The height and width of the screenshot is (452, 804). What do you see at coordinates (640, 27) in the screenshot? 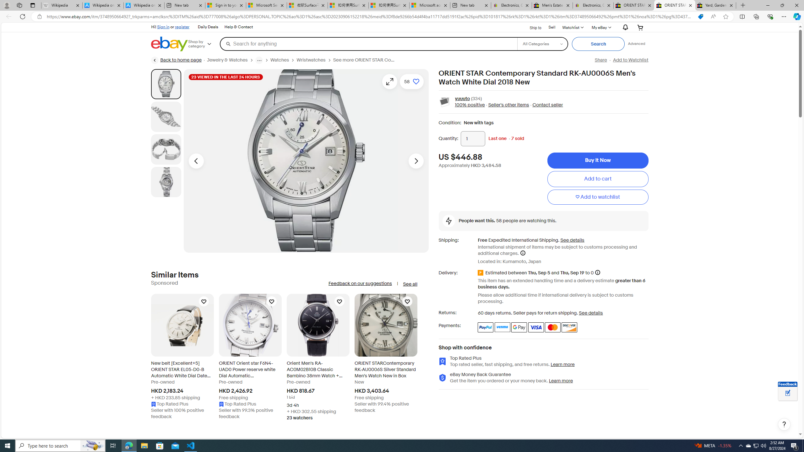
I see `'Your shopping cart'` at bounding box center [640, 27].